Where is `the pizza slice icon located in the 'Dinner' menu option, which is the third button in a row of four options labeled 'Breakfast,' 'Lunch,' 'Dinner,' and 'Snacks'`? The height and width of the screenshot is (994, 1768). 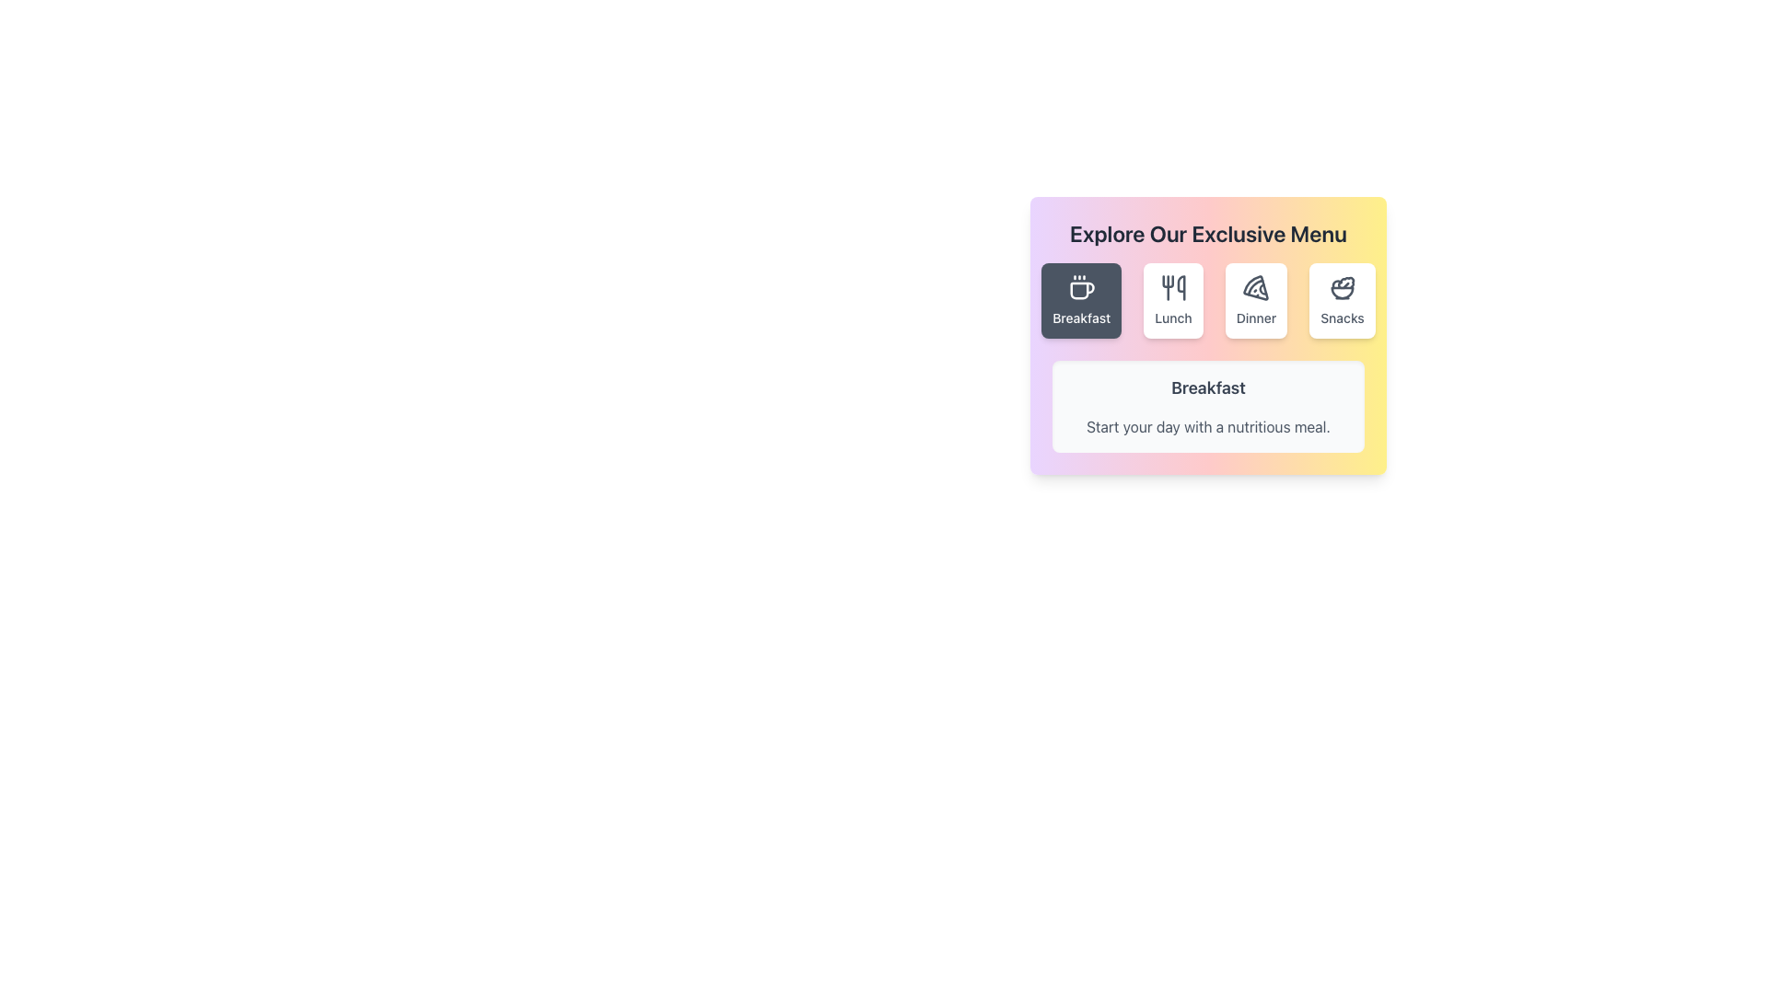 the pizza slice icon located in the 'Dinner' menu option, which is the third button in a row of four options labeled 'Breakfast,' 'Lunch,' 'Dinner,' and 'Snacks' is located at coordinates (1255, 287).